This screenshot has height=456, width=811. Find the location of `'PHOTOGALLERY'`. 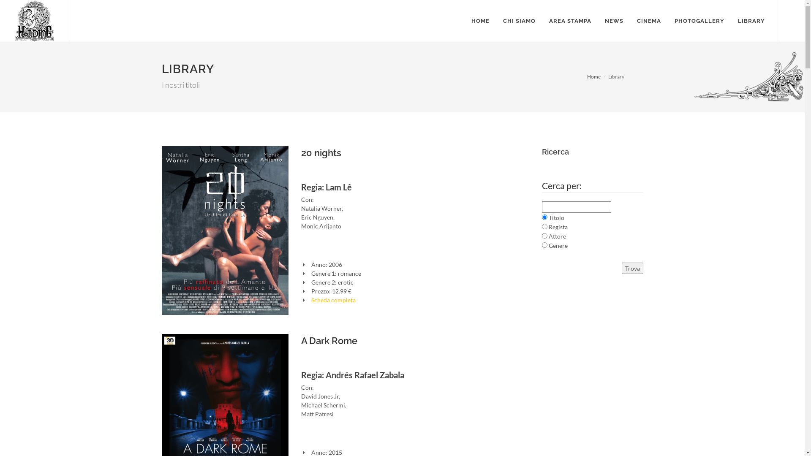

'PHOTOGALLERY' is located at coordinates (699, 21).